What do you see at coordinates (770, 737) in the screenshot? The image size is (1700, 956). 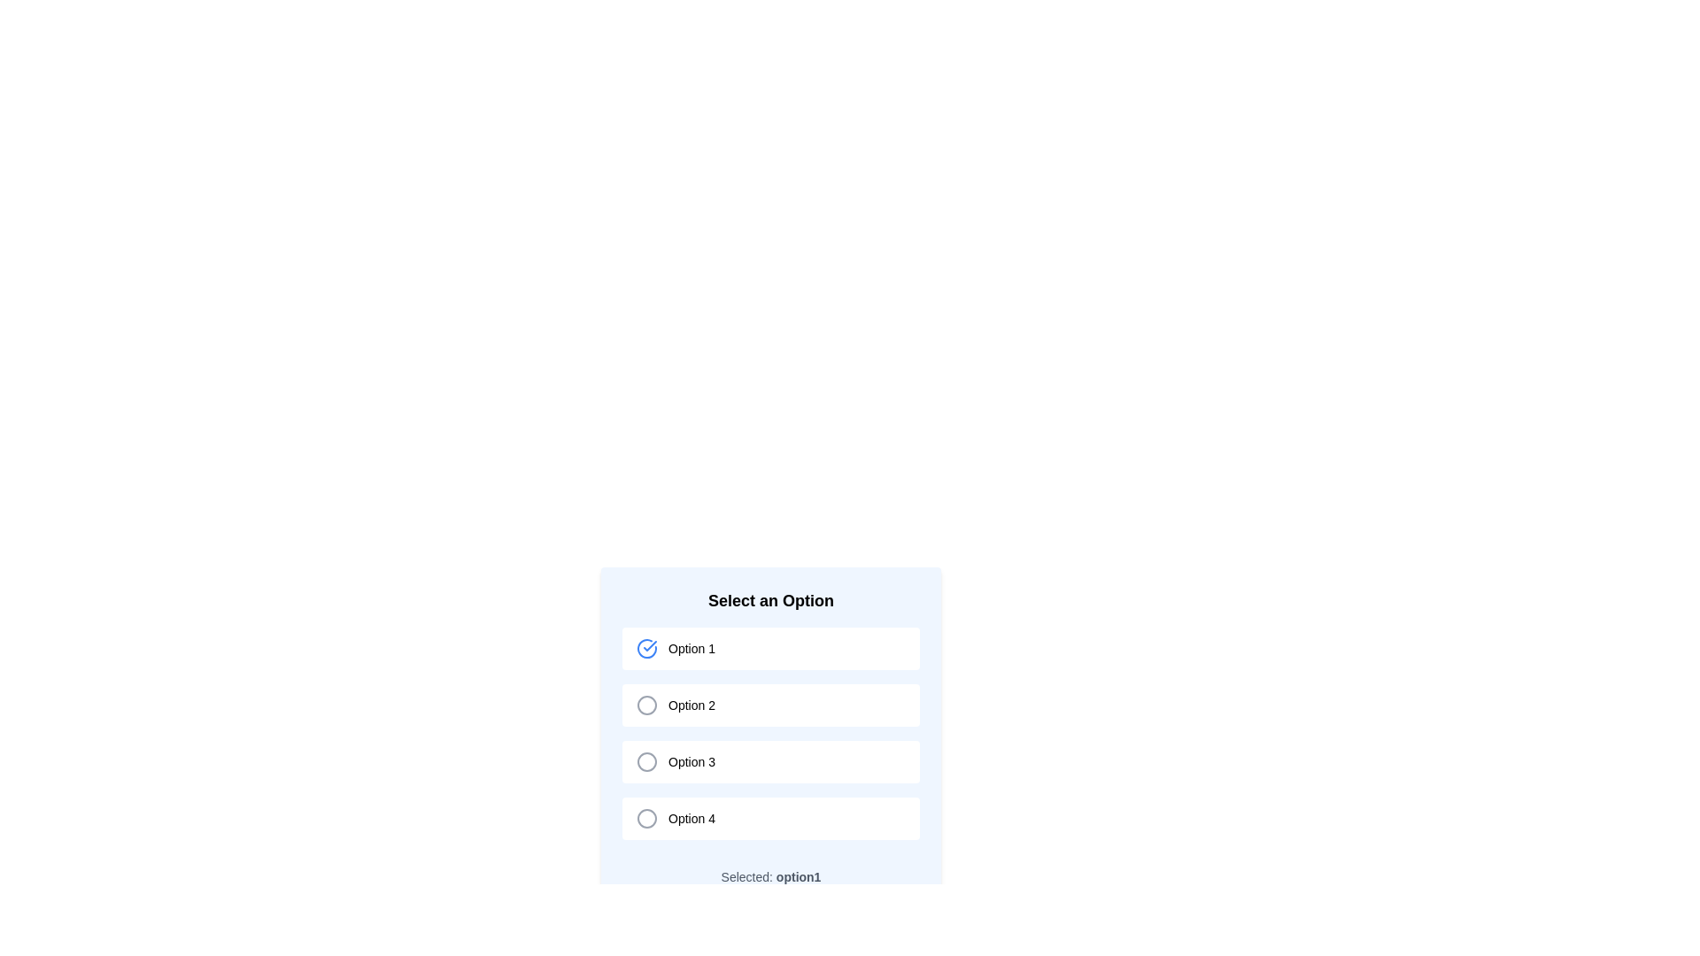 I see `to select 'Option 3' in the radio list below the title 'Select an Option'` at bounding box center [770, 737].